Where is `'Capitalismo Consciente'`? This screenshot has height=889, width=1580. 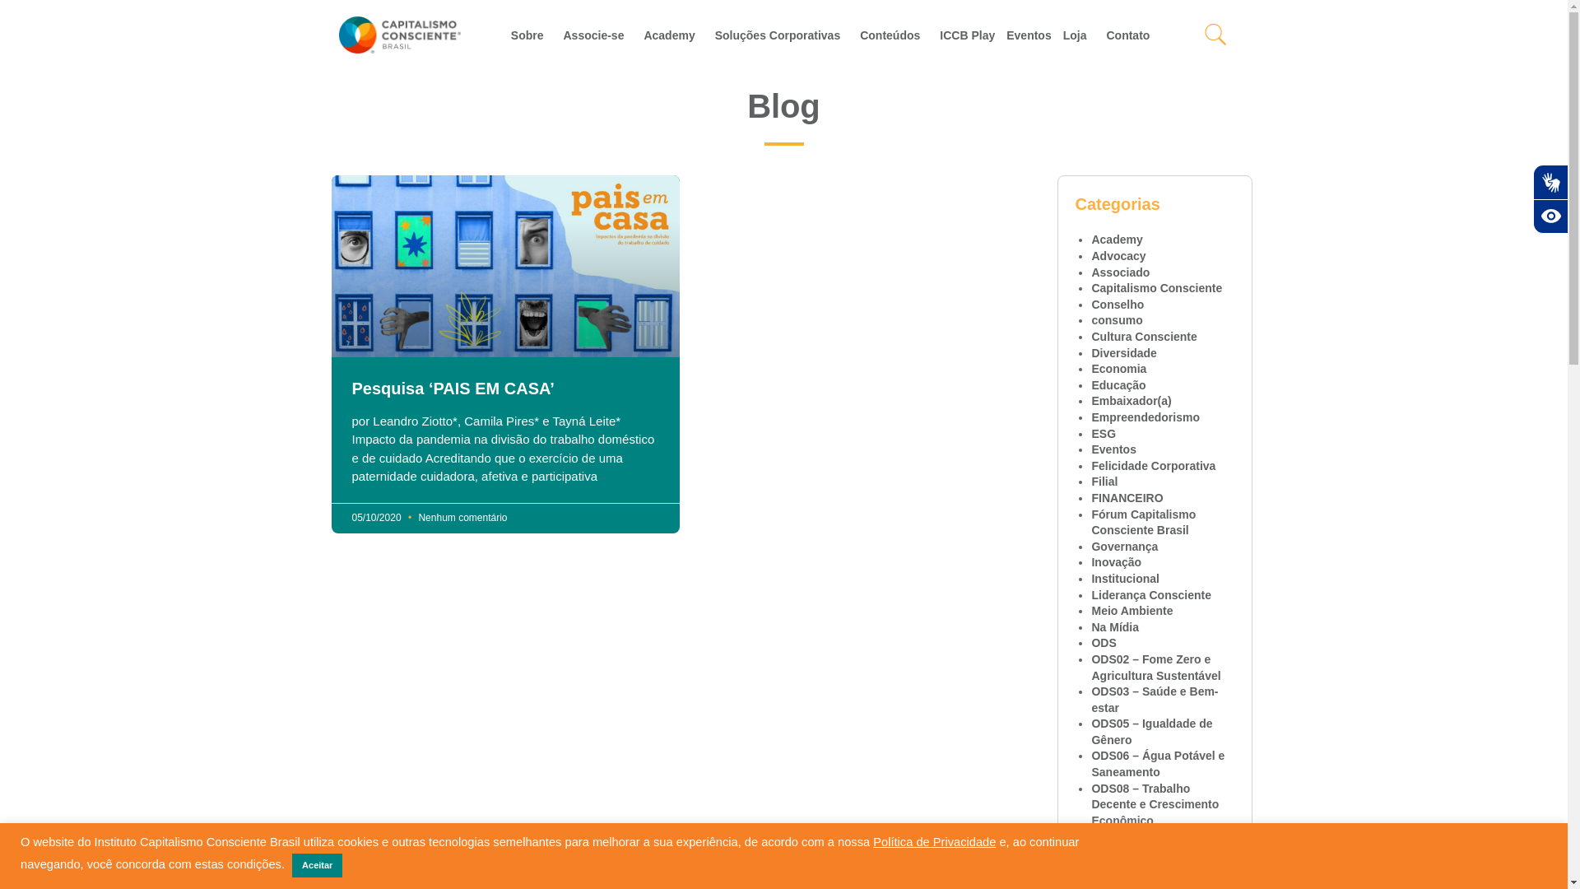 'Capitalismo Consciente' is located at coordinates (1155, 287).